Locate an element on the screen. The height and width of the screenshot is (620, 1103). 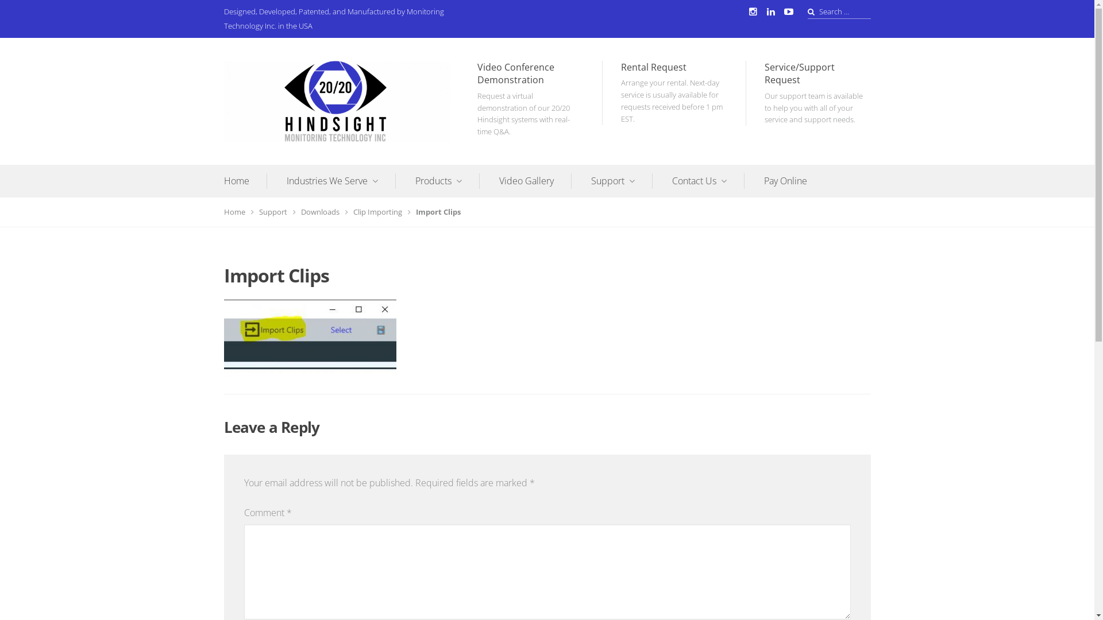
'Home' is located at coordinates (245, 181).